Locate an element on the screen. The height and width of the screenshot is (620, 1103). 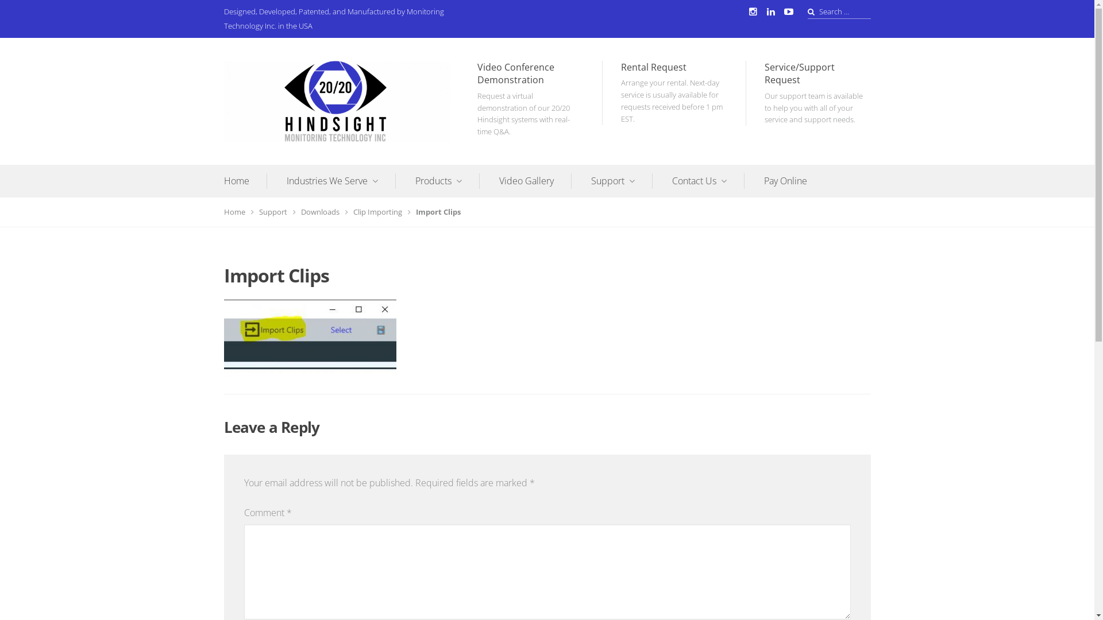
'Home' is located at coordinates (245, 181).